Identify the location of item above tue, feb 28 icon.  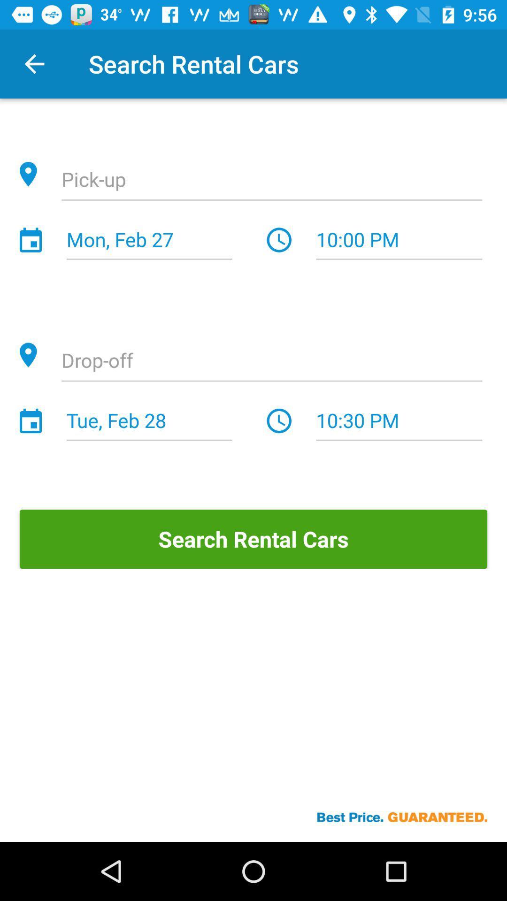
(272, 361).